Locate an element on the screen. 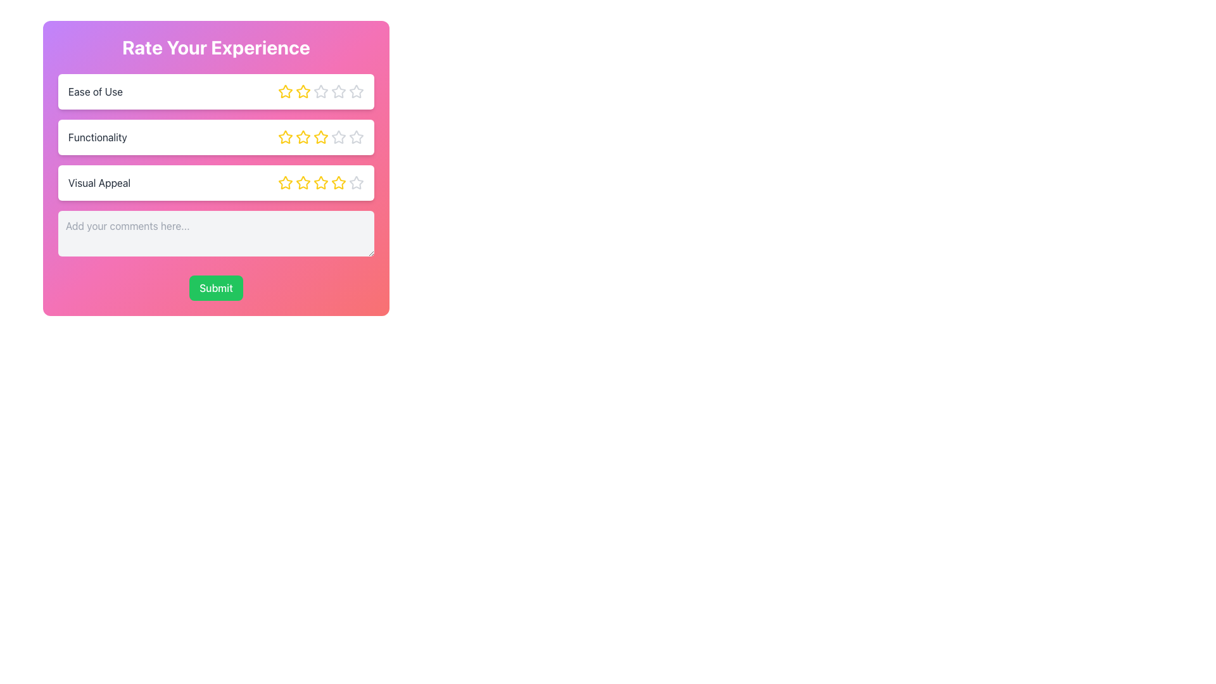 The height and width of the screenshot is (684, 1216). the first star icon for rating in the 'Ease of Use' section is located at coordinates (285, 91).